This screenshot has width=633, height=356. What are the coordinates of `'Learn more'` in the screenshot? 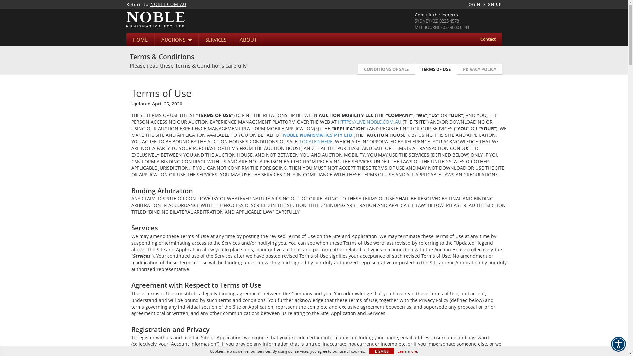 It's located at (407, 351).